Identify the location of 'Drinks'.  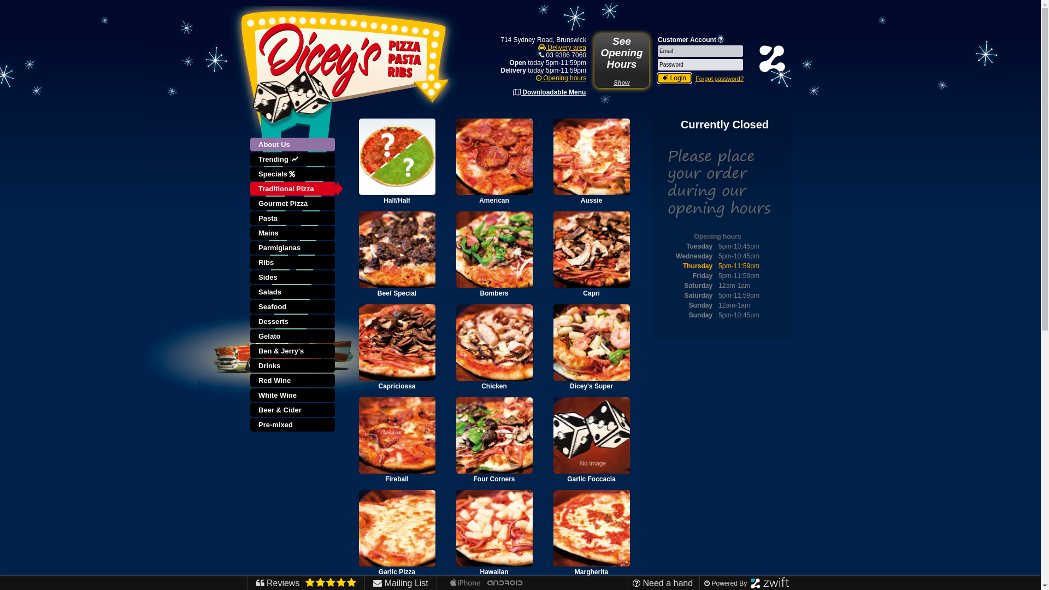
(293, 366).